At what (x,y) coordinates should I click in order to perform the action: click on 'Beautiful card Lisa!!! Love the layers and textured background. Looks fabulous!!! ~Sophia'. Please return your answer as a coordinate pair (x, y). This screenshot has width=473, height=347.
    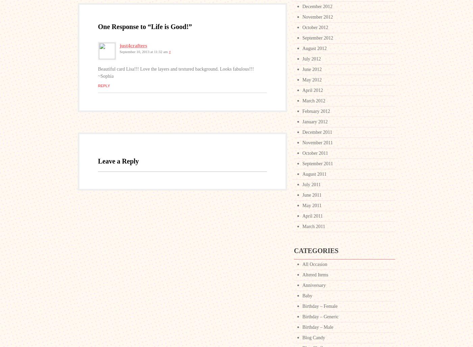
    Looking at the image, I should click on (98, 72).